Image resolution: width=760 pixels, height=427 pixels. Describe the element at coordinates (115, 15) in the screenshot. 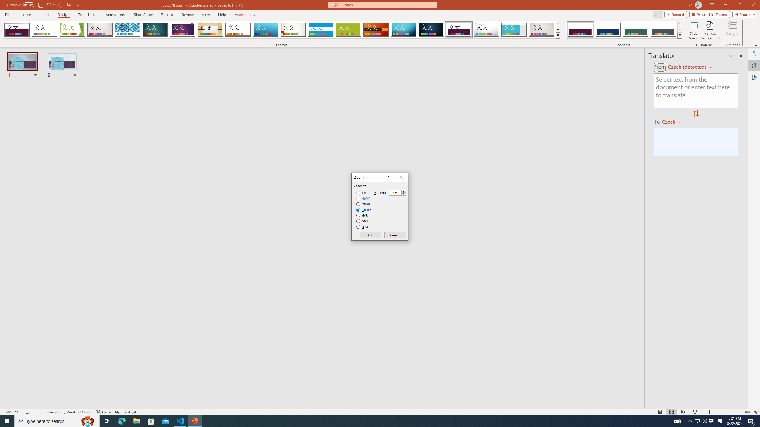

I see `'Animations'` at that location.